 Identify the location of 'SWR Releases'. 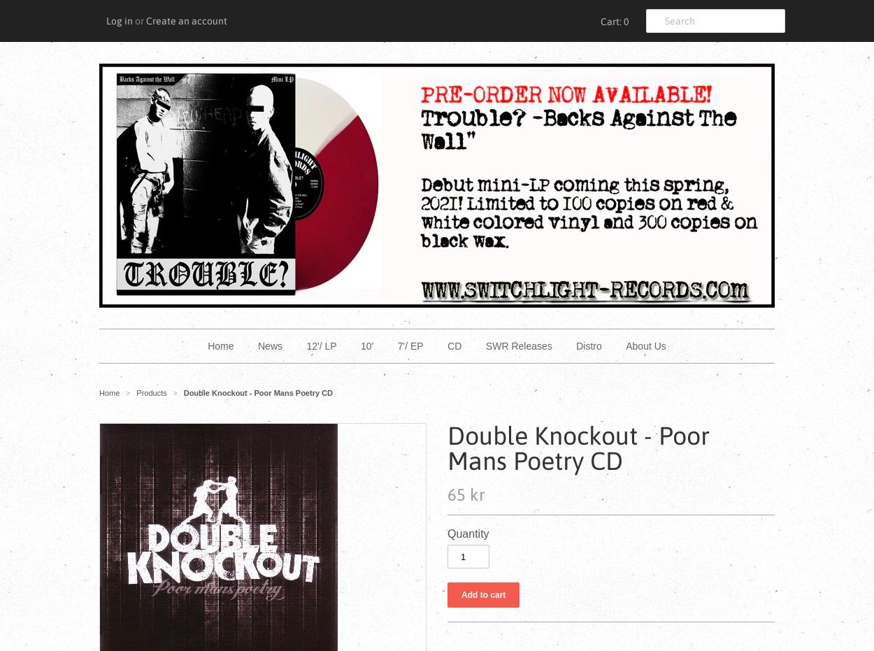
(517, 346).